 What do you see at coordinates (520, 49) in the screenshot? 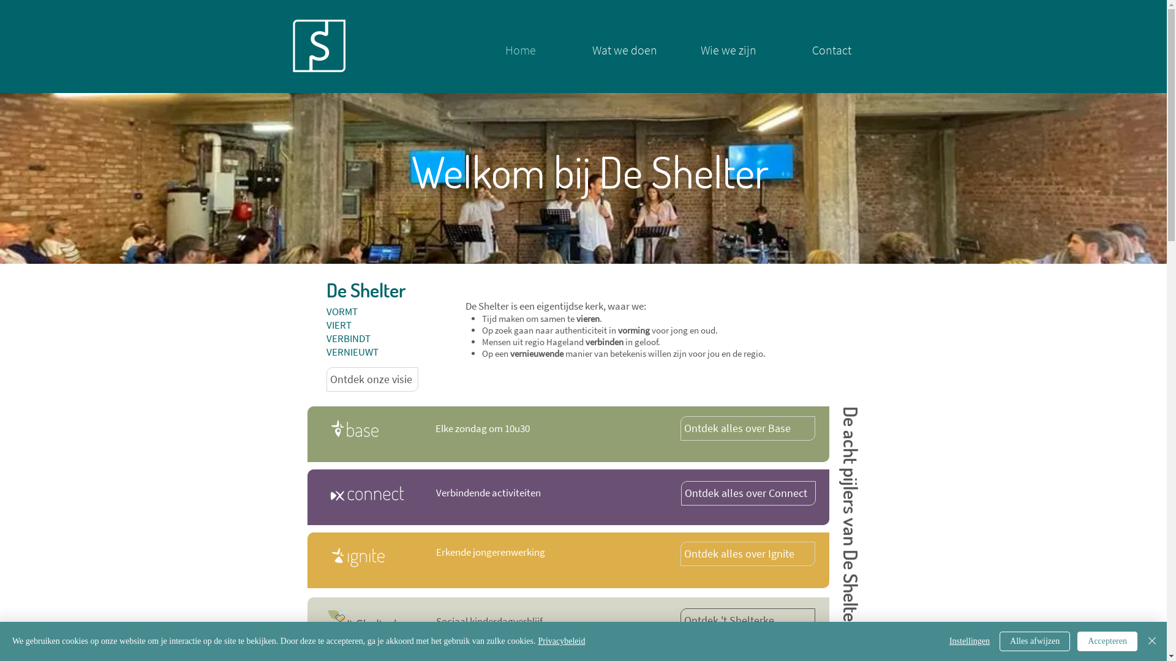
I see `'Home'` at bounding box center [520, 49].